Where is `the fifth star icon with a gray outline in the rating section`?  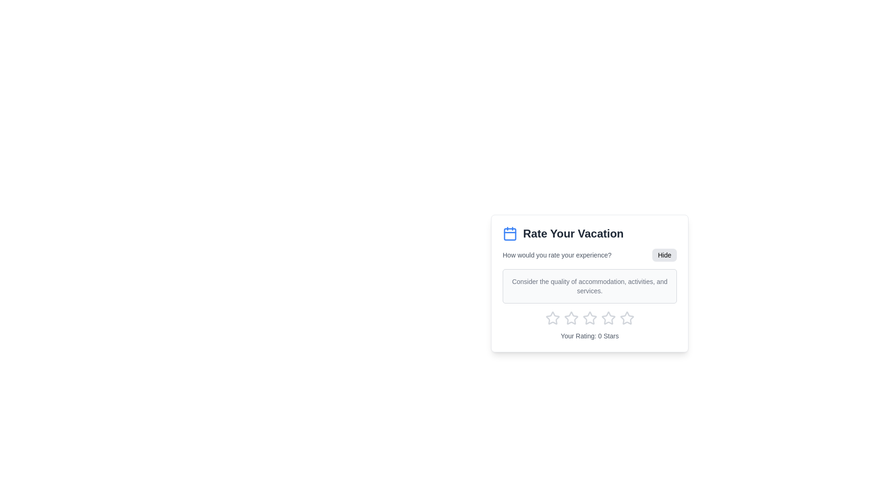 the fifth star icon with a gray outline in the rating section is located at coordinates (608, 318).